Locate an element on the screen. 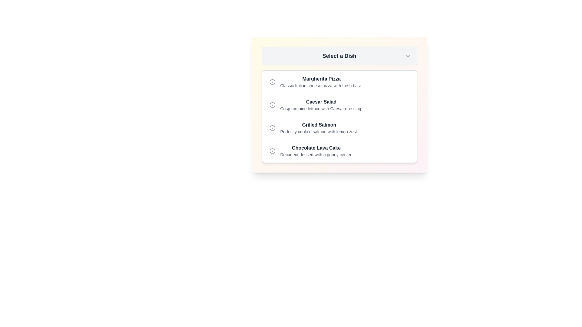 The height and width of the screenshot is (327, 582). the descriptive text stating 'Crisp romaine lettuce with Caesar dressing.', which is located immediately below the title 'Caesar Salad' in the vertical menu list is located at coordinates (321, 108).